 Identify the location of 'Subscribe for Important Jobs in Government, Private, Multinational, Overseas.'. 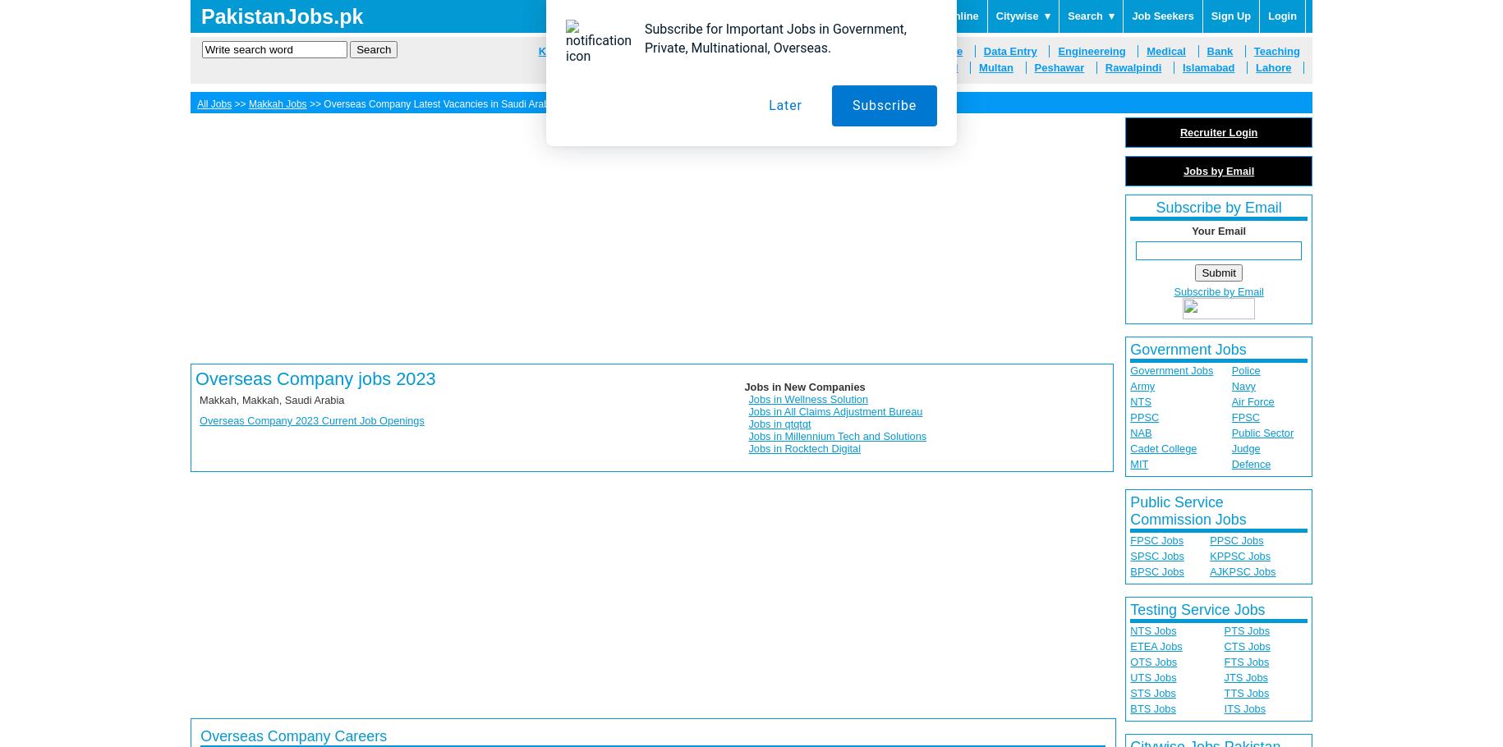
(774, 38).